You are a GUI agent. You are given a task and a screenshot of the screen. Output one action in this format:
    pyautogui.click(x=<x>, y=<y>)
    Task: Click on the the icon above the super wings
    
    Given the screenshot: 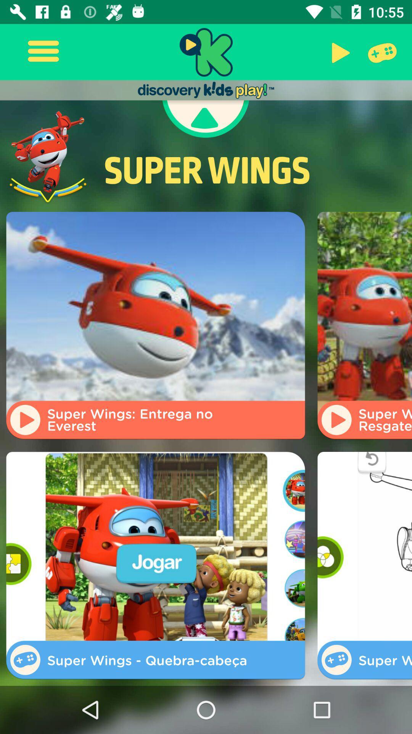 What is the action you would take?
    pyautogui.click(x=381, y=52)
    